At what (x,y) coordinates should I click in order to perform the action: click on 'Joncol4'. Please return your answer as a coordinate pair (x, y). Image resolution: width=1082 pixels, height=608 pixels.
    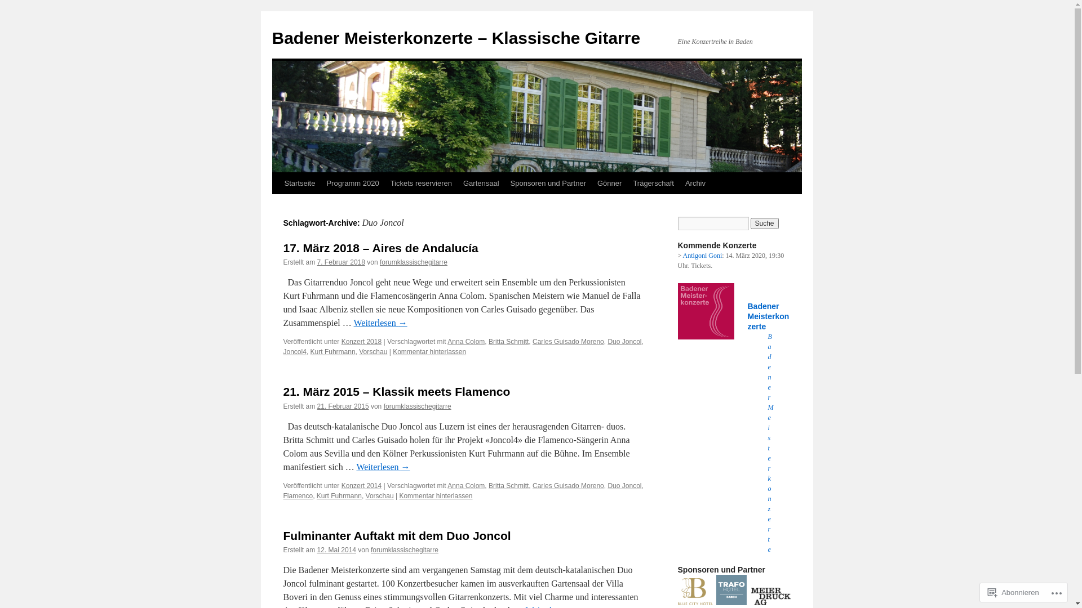
    Looking at the image, I should click on (294, 351).